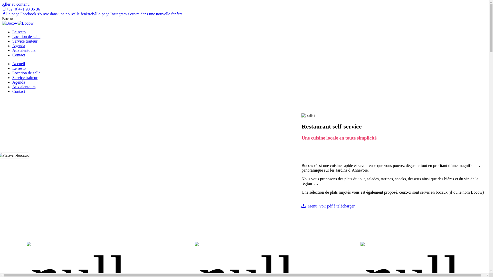 This screenshot has height=277, width=493. I want to click on 'Service traiteur', so click(24, 77).